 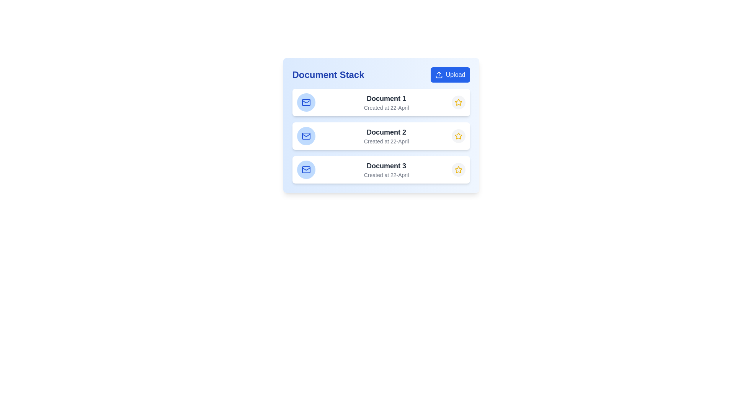 I want to click on the circular light blue icon button with a dark blue mail icon, so click(x=305, y=102).